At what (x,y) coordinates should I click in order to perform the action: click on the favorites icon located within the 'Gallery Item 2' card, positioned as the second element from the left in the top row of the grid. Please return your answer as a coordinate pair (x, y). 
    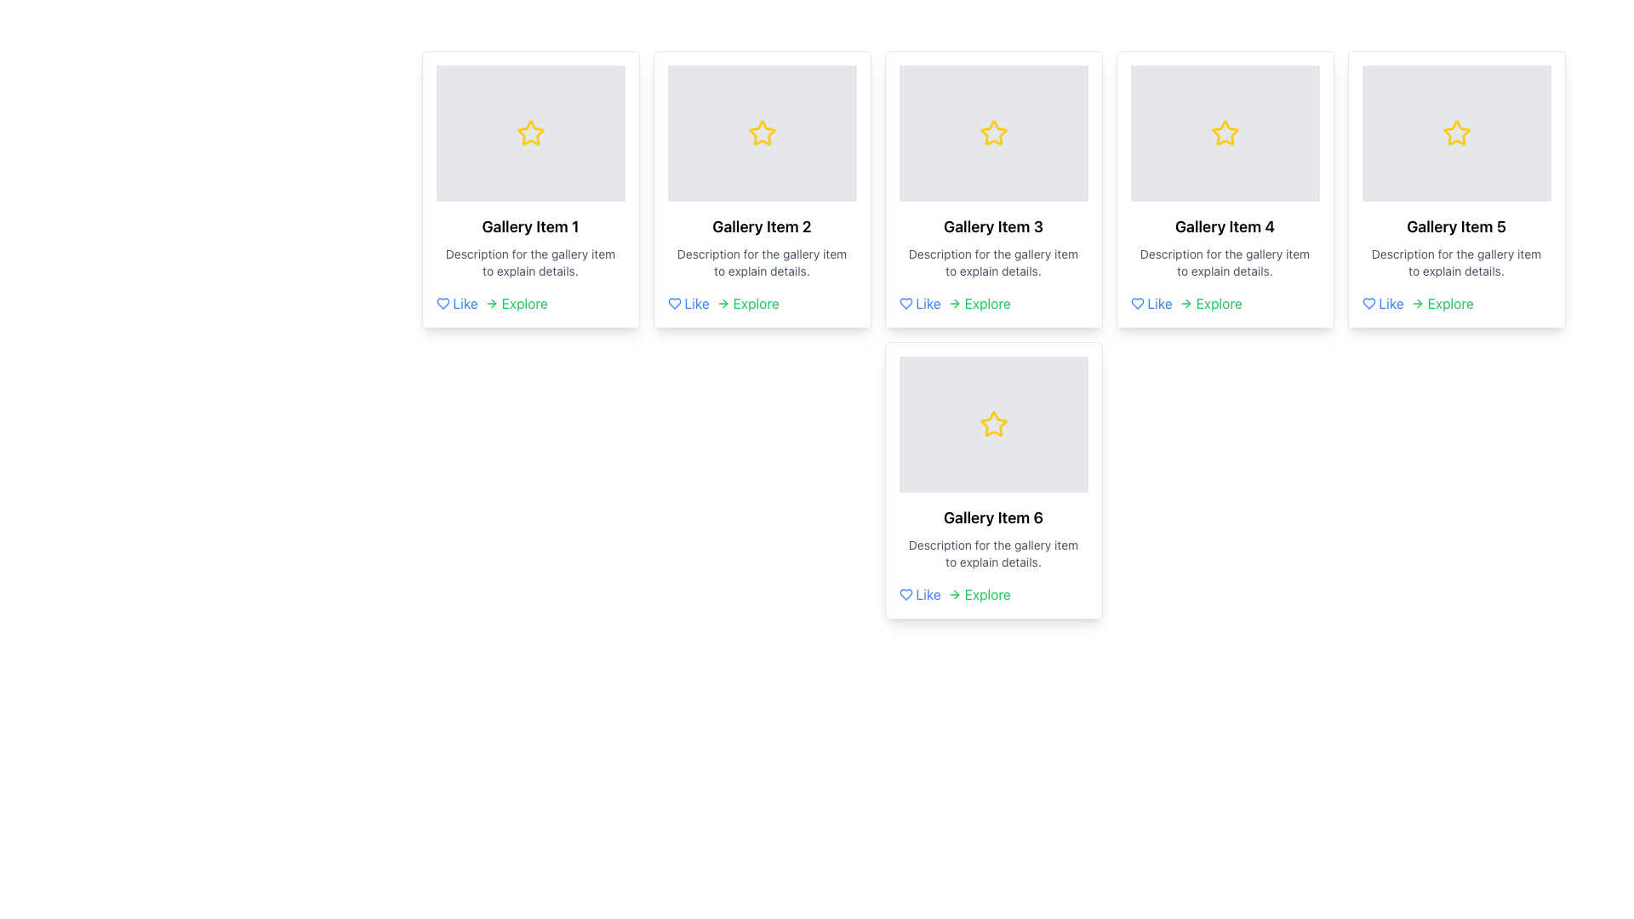
    Looking at the image, I should click on (761, 133).